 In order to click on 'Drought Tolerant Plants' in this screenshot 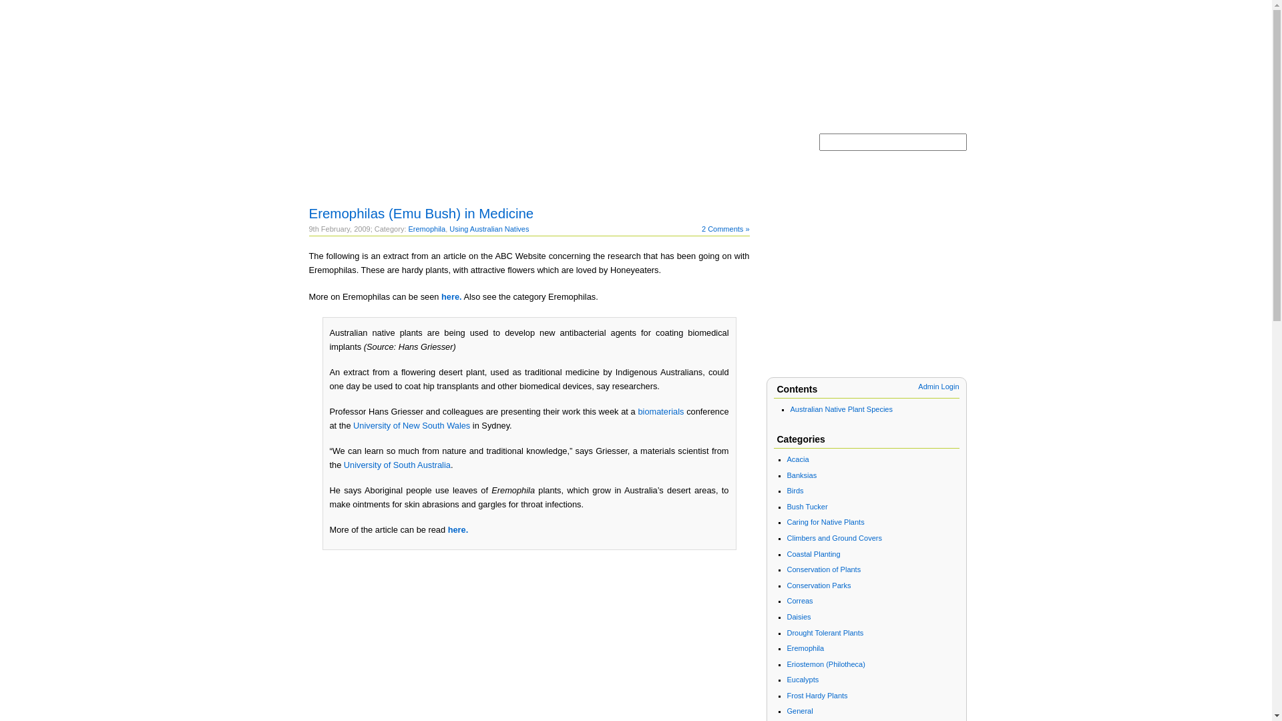, I will do `click(824, 632)`.